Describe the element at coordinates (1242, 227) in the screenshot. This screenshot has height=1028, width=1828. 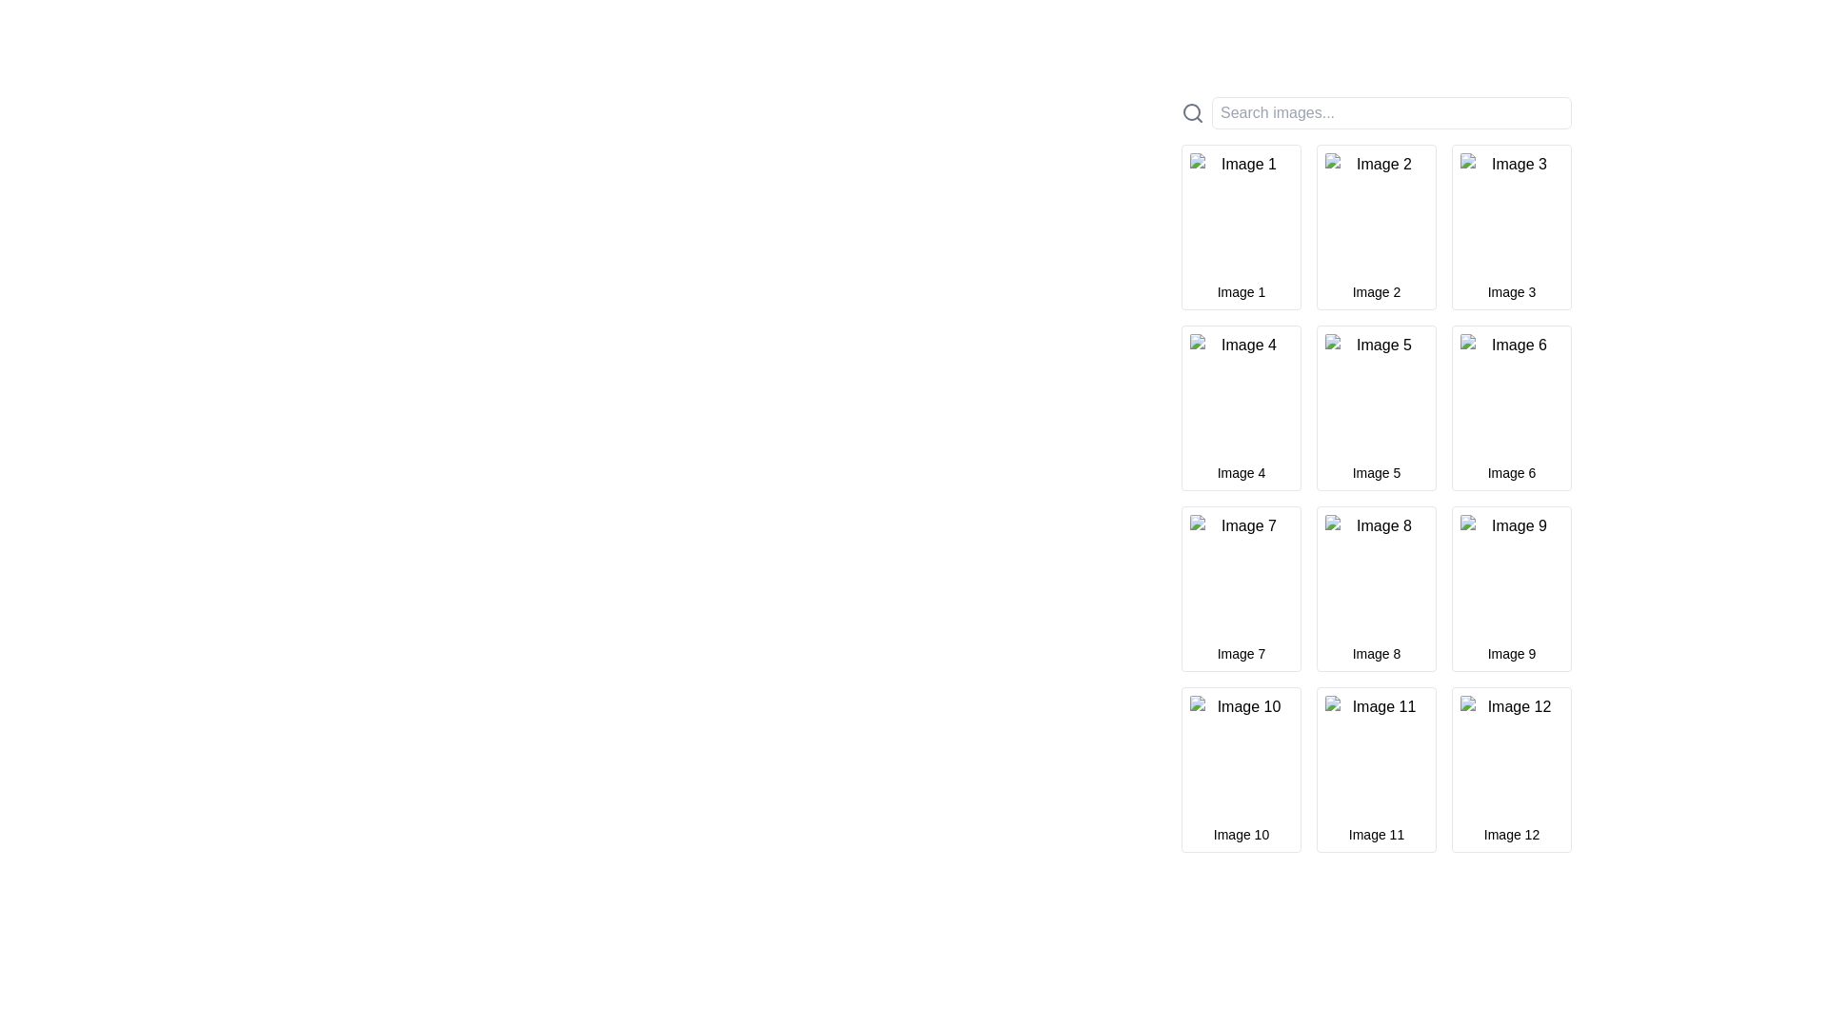
I see `the first tile in the grid layout located at the top-left corner` at that location.